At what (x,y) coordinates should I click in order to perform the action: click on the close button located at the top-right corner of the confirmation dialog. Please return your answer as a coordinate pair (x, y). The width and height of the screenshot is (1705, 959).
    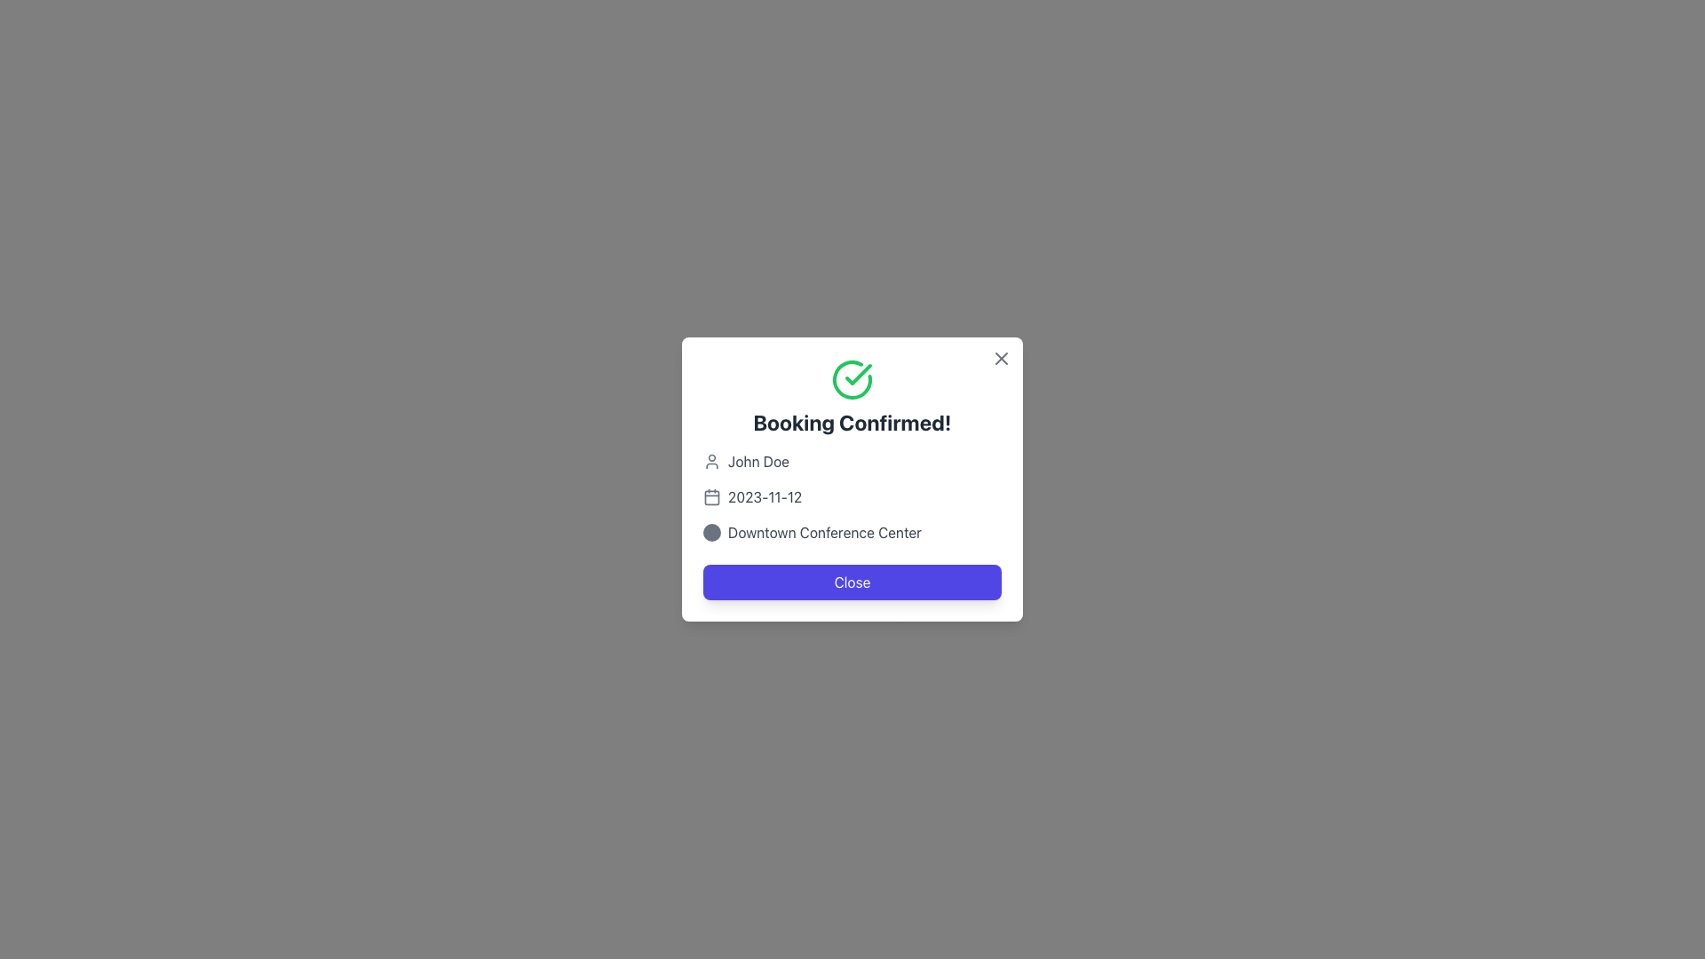
    Looking at the image, I should click on (1002, 359).